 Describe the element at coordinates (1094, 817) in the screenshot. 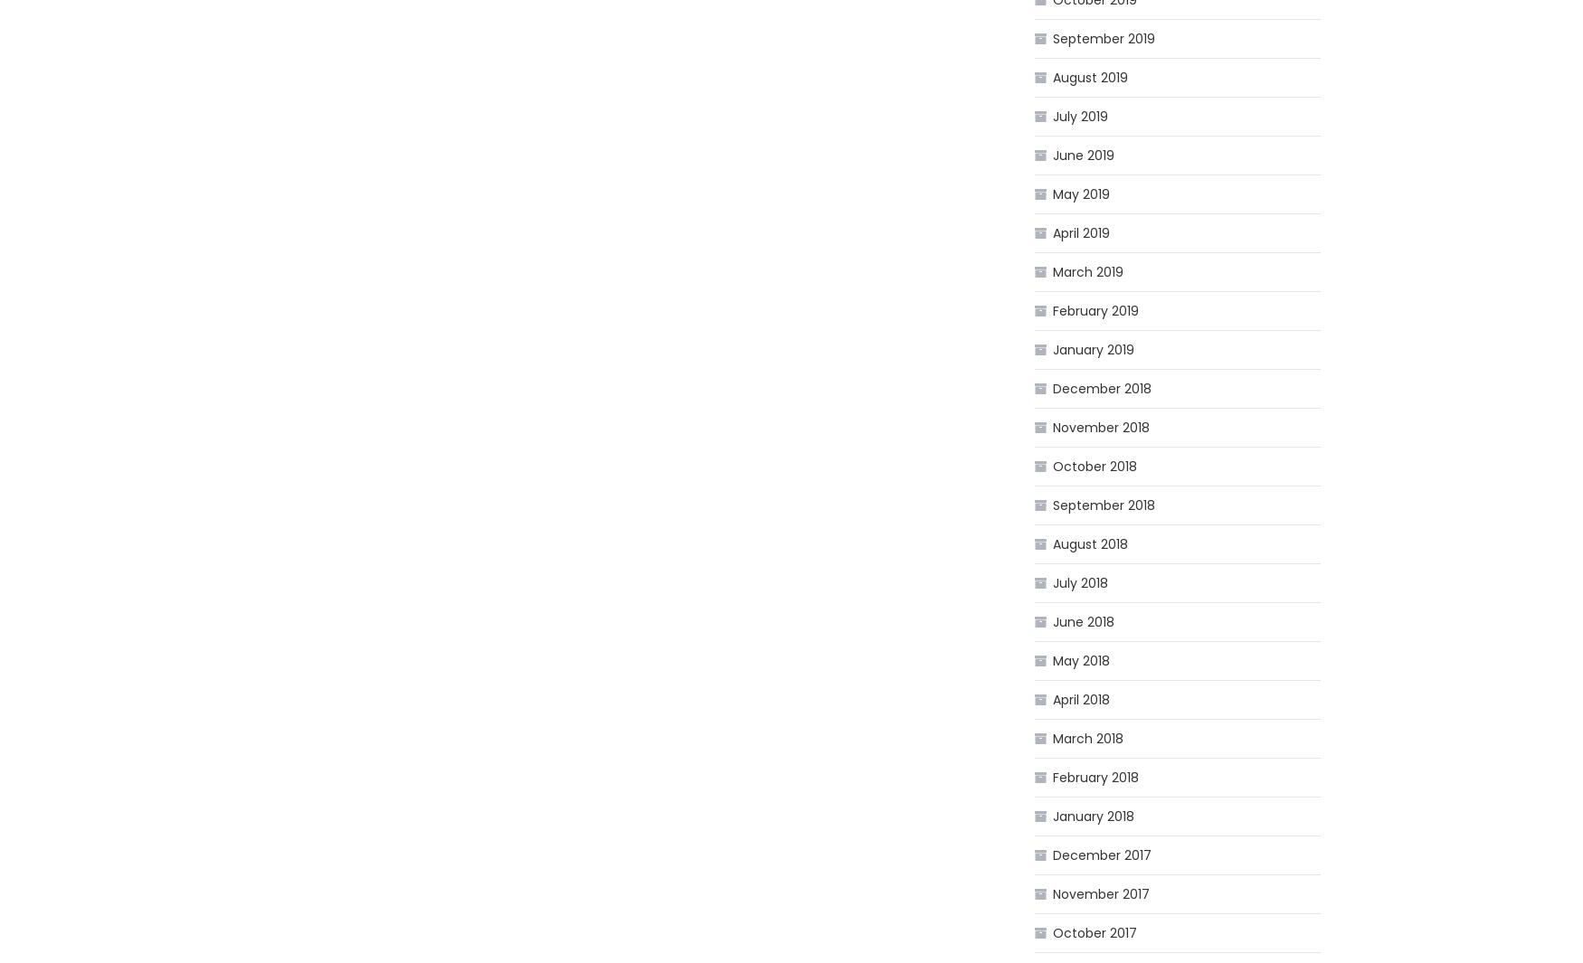

I see `'January 2018'` at that location.